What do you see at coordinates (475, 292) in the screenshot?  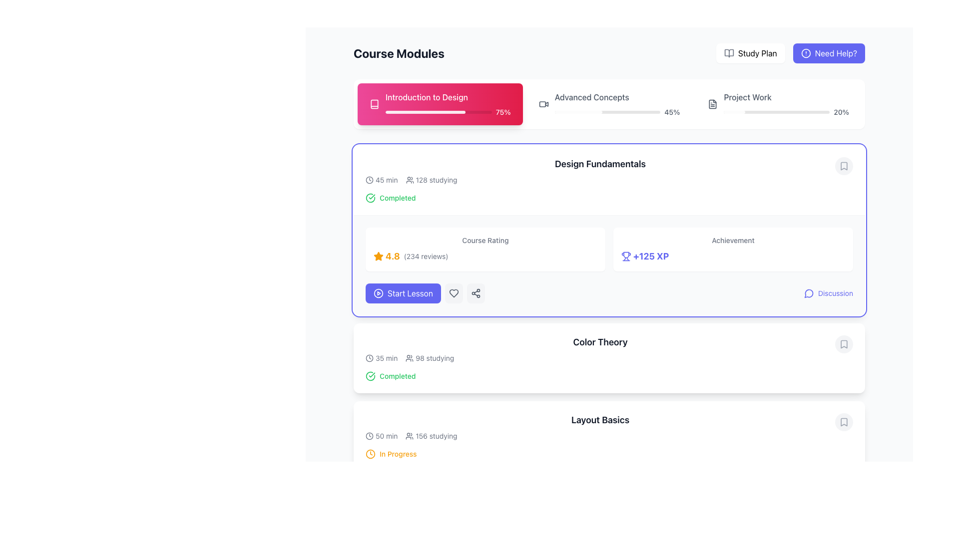 I see `the button with a light gray background and a share icon, located to the right of the 'Start Lesson' button` at bounding box center [475, 292].